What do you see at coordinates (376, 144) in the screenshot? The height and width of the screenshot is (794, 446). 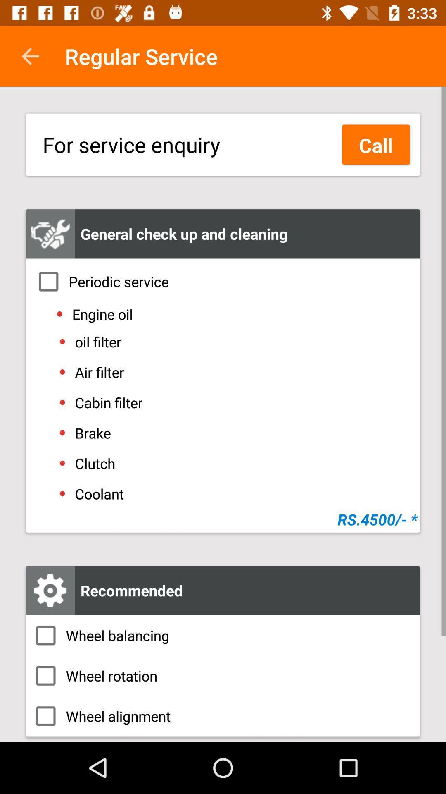 I see `item above general check up item` at bounding box center [376, 144].